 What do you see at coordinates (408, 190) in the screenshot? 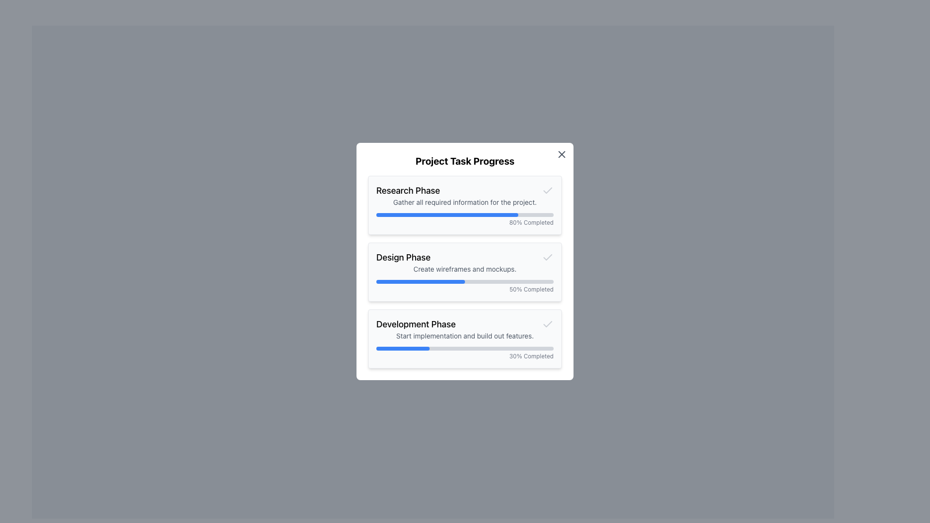
I see `the section title text label indicating the specific phase of the project to possibly display a tooltip` at bounding box center [408, 190].